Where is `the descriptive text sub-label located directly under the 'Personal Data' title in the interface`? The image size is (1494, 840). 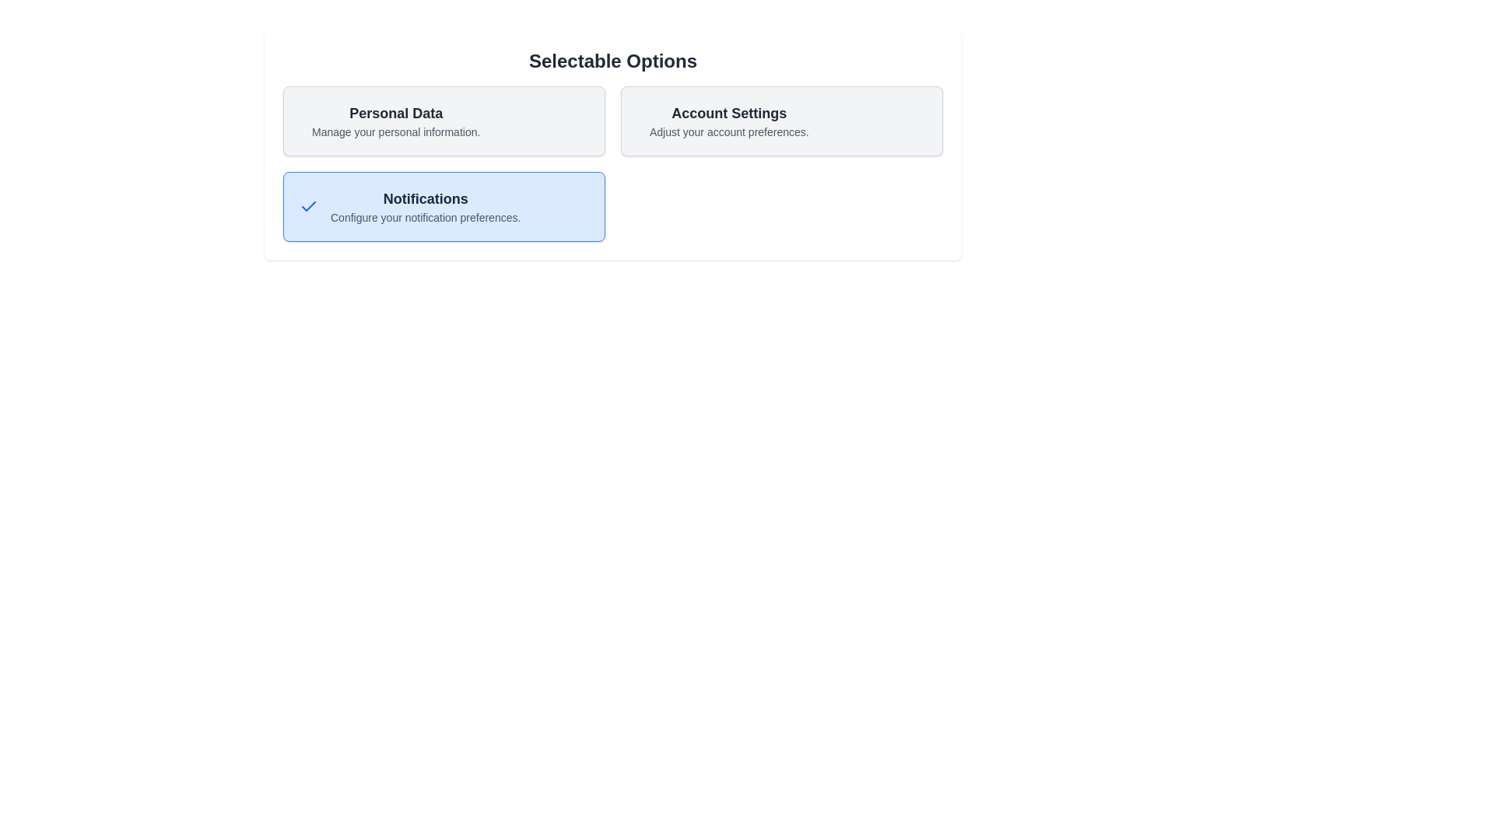
the descriptive text sub-label located directly under the 'Personal Data' title in the interface is located at coordinates (396, 131).